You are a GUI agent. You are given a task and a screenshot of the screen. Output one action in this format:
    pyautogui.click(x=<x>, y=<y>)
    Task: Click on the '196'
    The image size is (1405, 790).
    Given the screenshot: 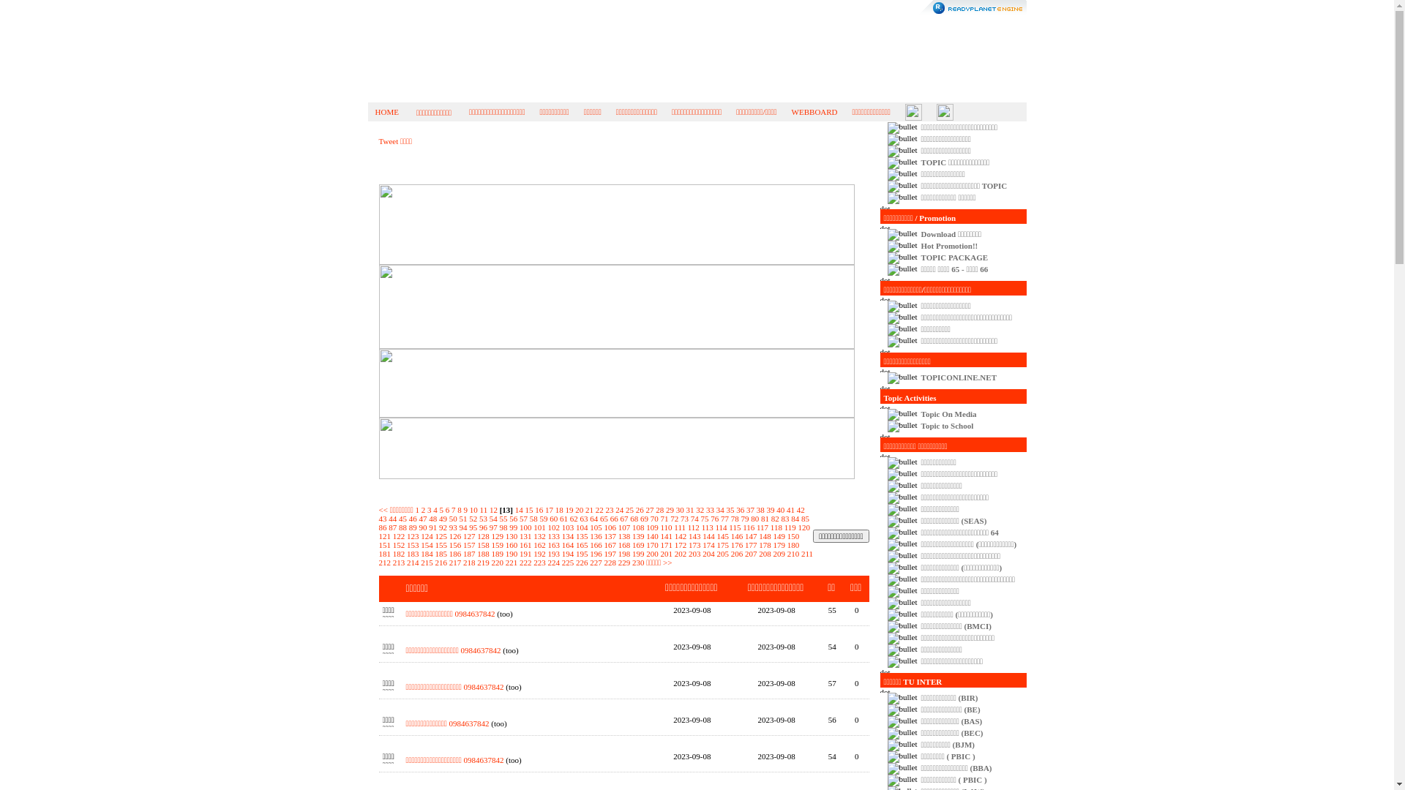 What is the action you would take?
    pyautogui.click(x=590, y=553)
    